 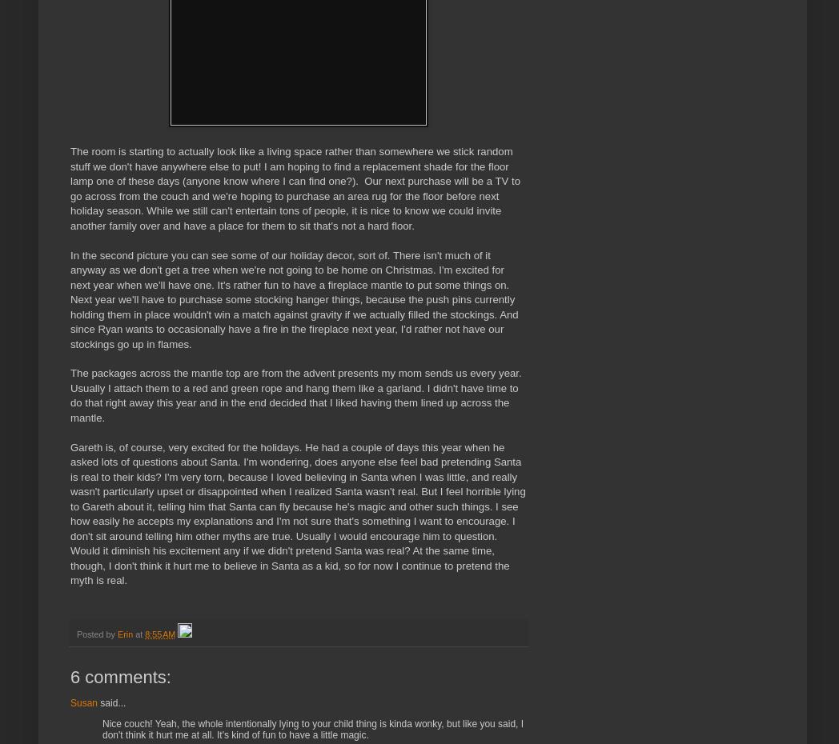 What do you see at coordinates (295, 394) in the screenshot?
I see `'The packages across the mantle top are from the advent presents my mom sends us every year. Usually I attach them to a red and green rope and hang them like a garland. I didn't have time to do that right away this year and in the end decided that I liked having them lined up across the mantle.'` at bounding box center [295, 394].